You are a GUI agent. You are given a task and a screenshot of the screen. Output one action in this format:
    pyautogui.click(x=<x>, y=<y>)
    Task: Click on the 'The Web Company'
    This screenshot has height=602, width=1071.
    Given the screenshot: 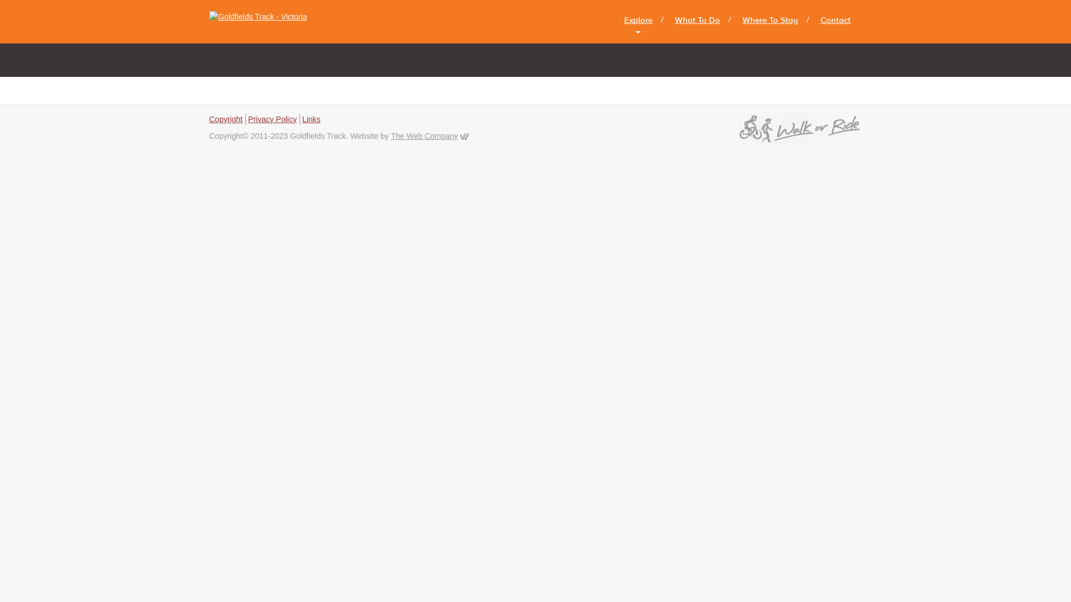 What is the action you would take?
    pyautogui.click(x=465, y=135)
    